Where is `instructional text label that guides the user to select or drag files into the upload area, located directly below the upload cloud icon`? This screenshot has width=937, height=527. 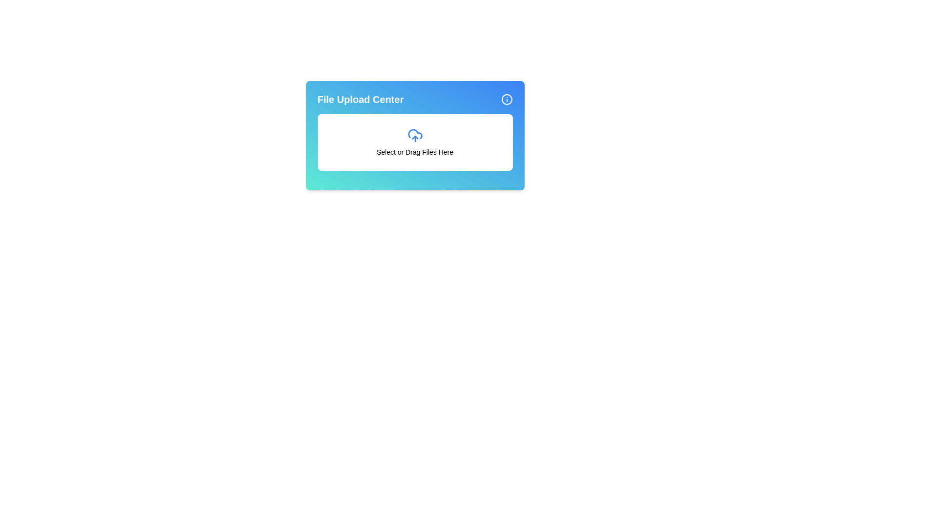
instructional text label that guides the user to select or drag files into the upload area, located directly below the upload cloud icon is located at coordinates (415, 152).